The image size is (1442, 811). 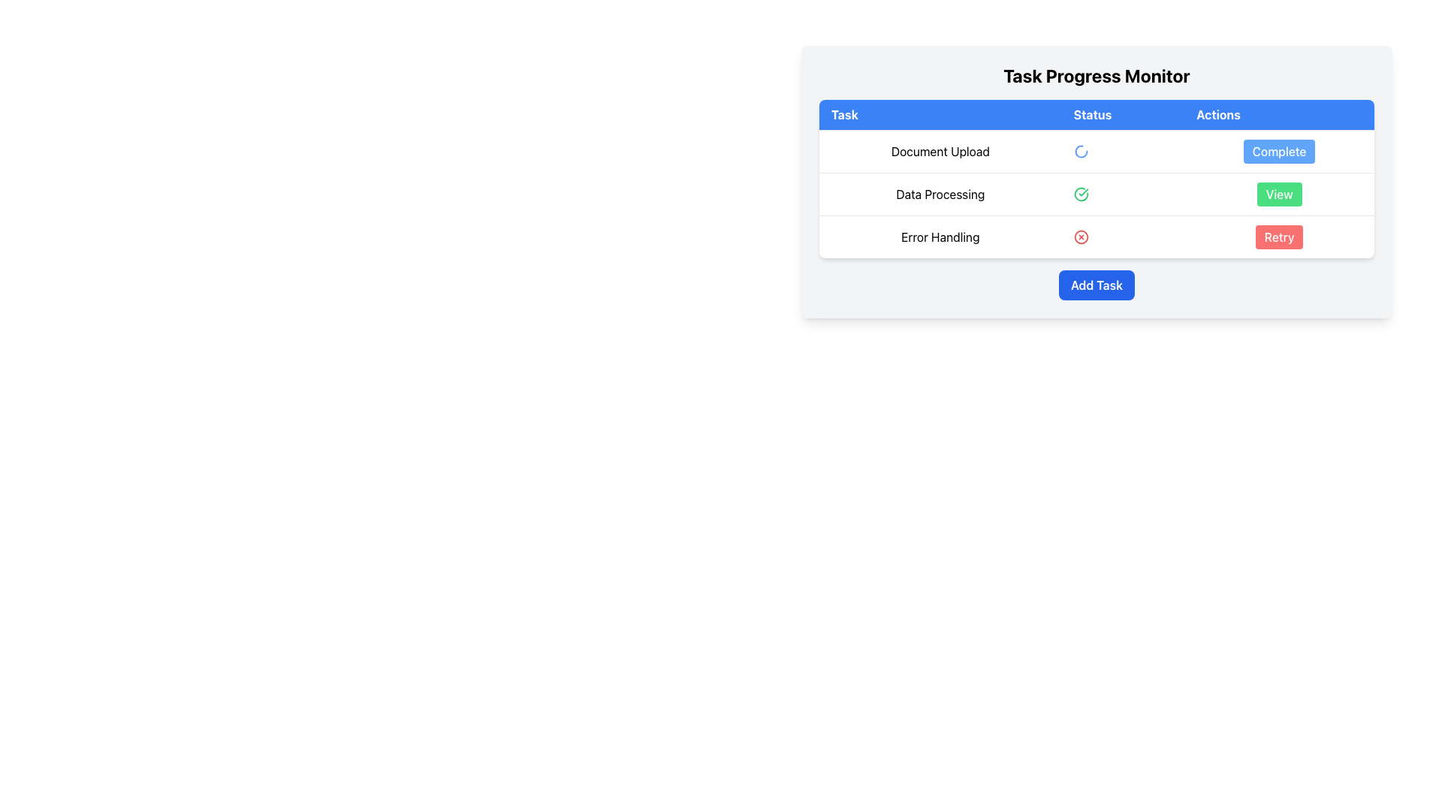 What do you see at coordinates (1278, 151) in the screenshot?
I see `the button in the 'Actions' column of the first row in the 'Task Progress Monitor' table to observe the background color change for the 'Document Upload' task` at bounding box center [1278, 151].